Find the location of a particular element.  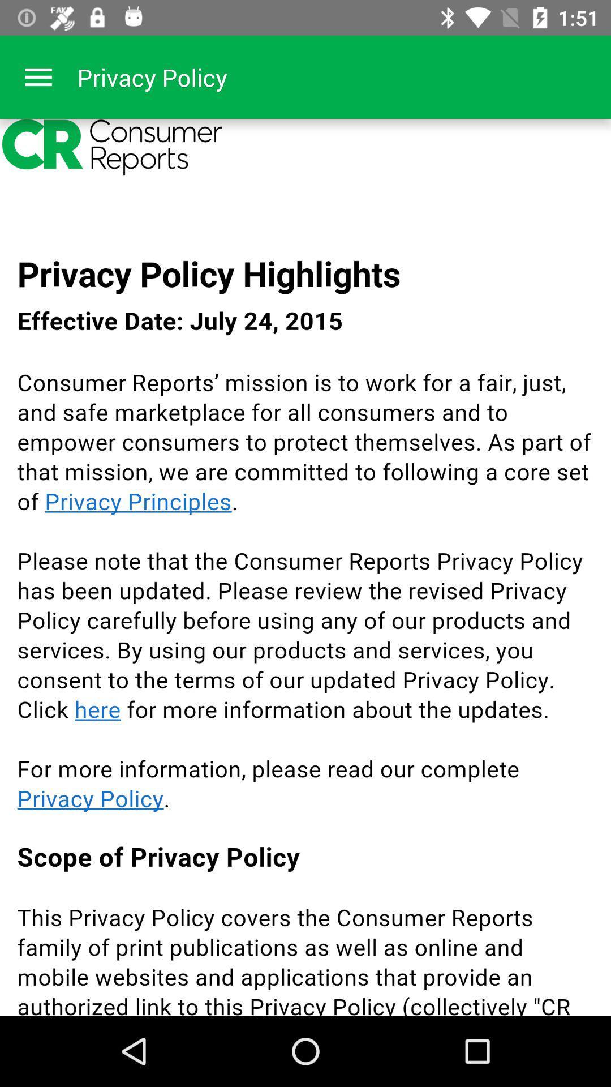

content of the privacy policy is located at coordinates (305, 567).